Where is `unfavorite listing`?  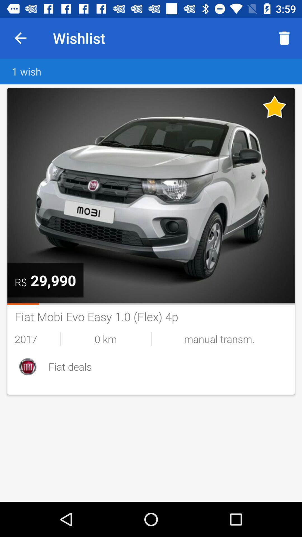
unfavorite listing is located at coordinates (275, 107).